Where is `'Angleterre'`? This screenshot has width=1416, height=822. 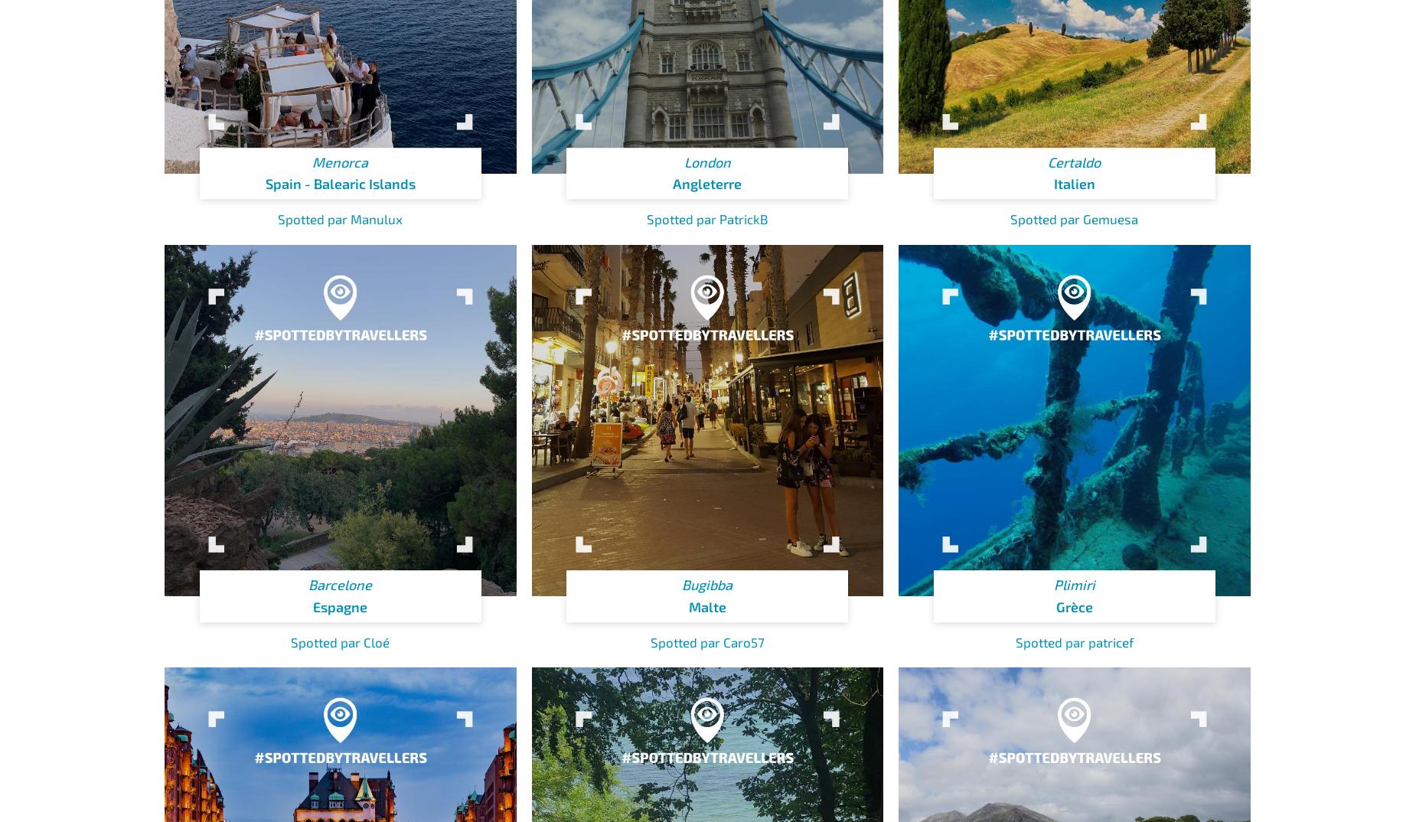 'Angleterre' is located at coordinates (707, 183).